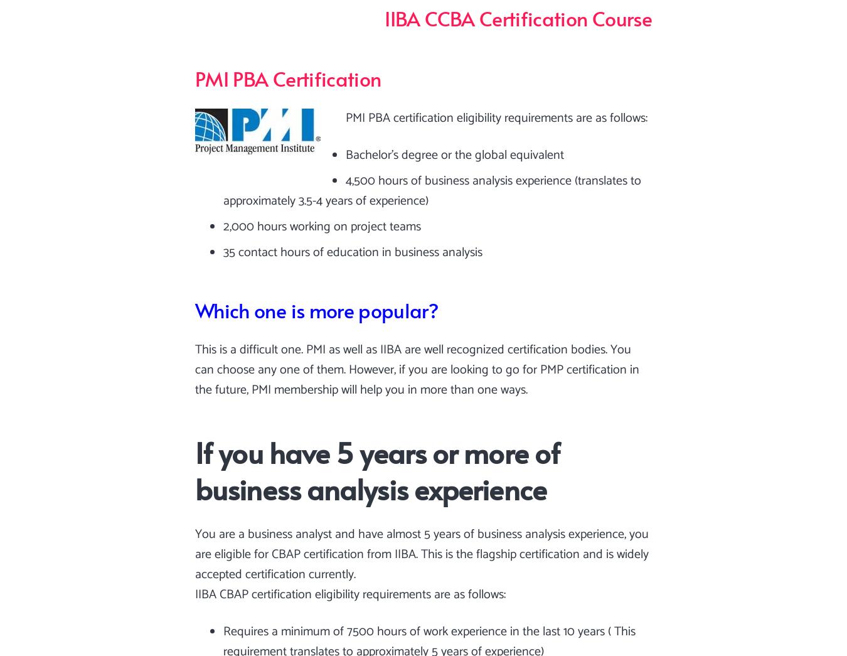 This screenshot has height=656, width=847. Describe the element at coordinates (287, 77) in the screenshot. I see `'PMI PBA Certification'` at that location.